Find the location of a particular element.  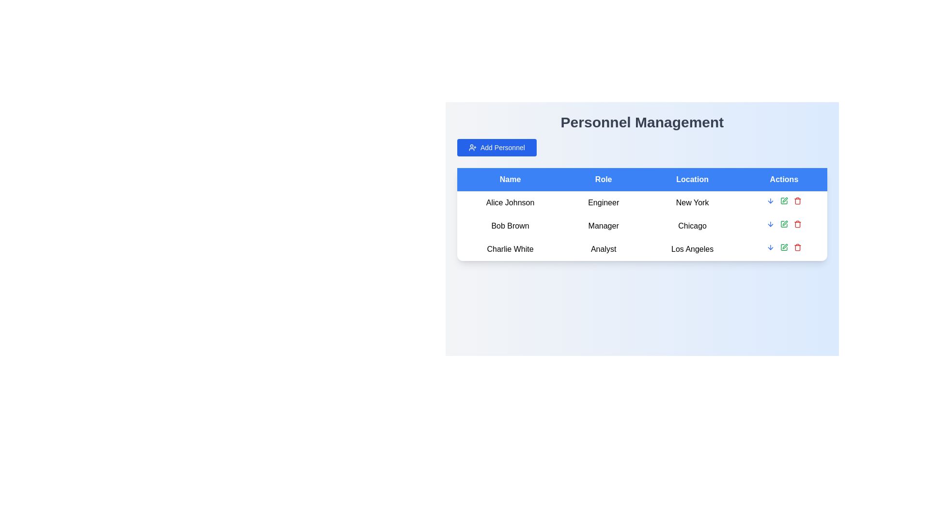

the deletion icon in the 'Actions' column for the last row (Charlie White) of the personnel table is located at coordinates (797, 247).